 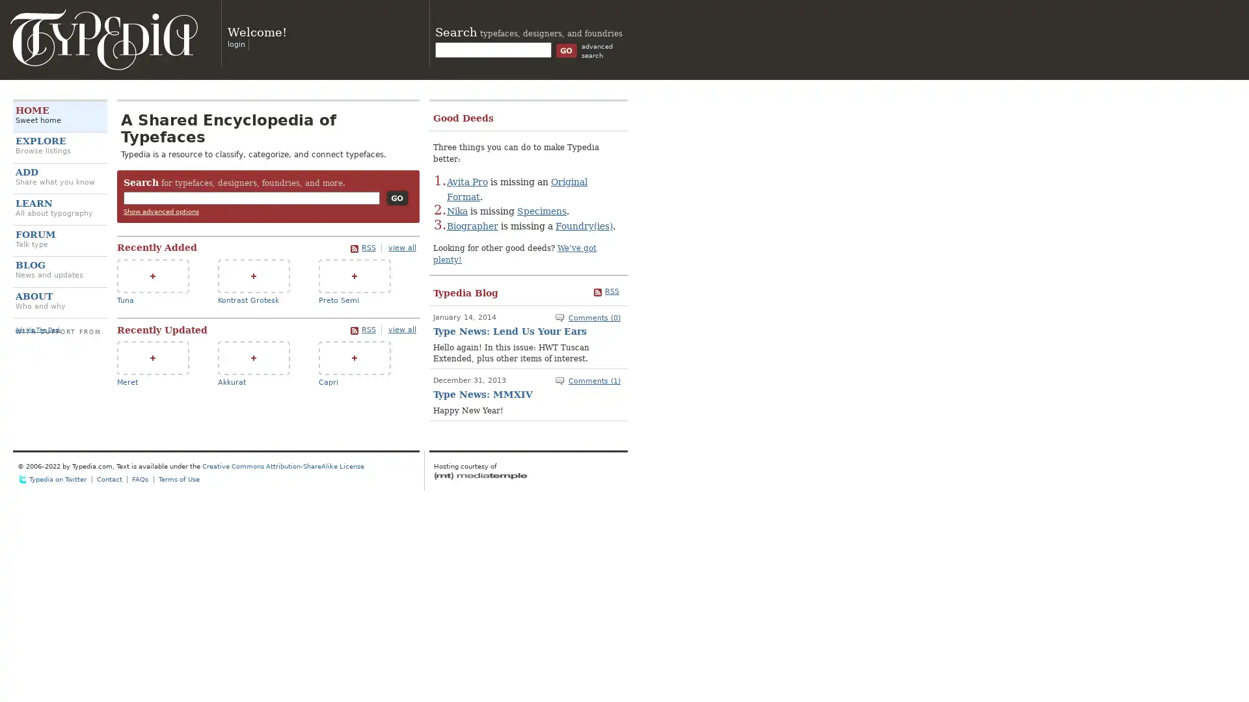 What do you see at coordinates (566, 49) in the screenshot?
I see `Go` at bounding box center [566, 49].